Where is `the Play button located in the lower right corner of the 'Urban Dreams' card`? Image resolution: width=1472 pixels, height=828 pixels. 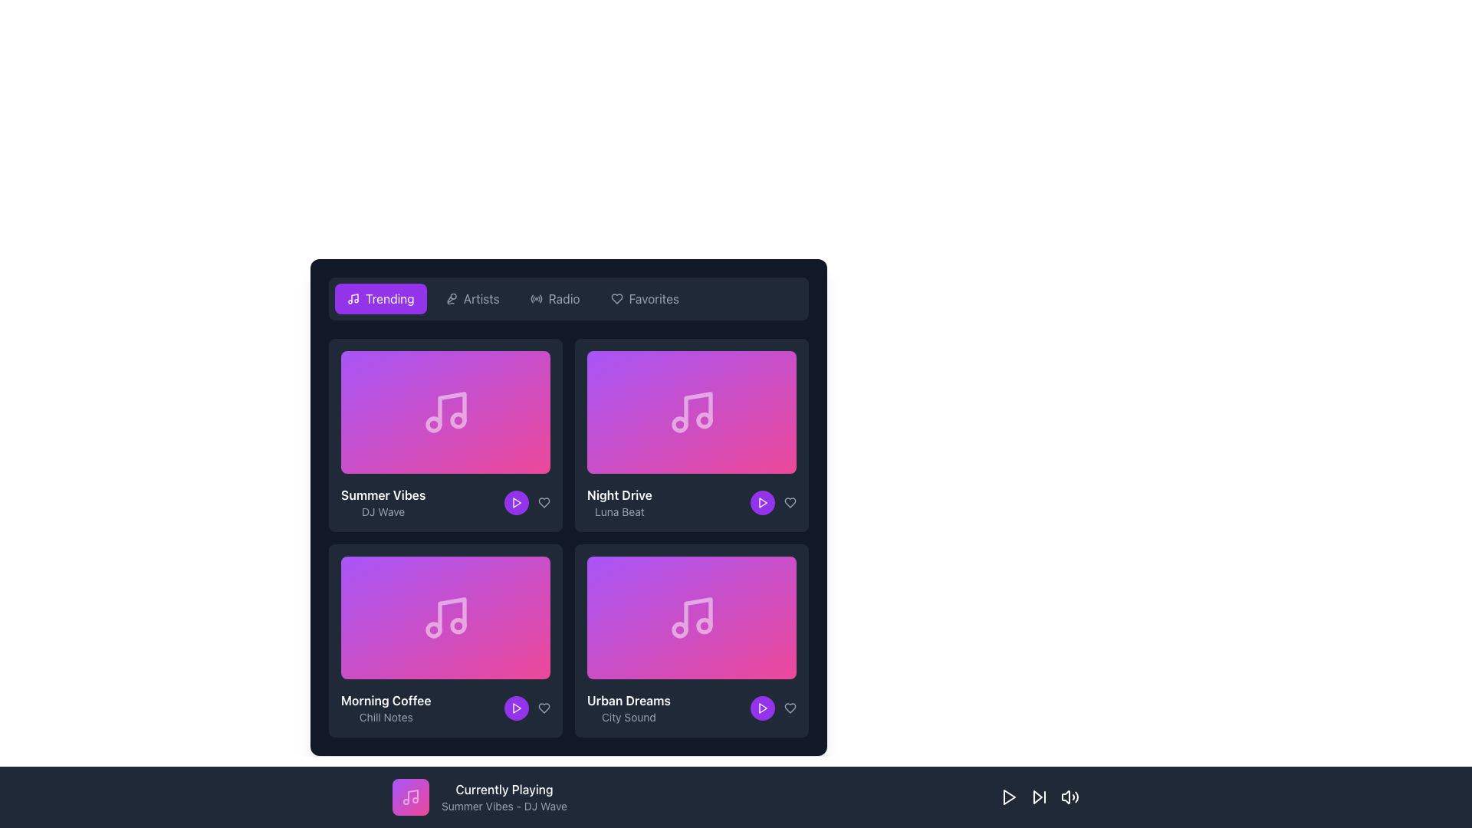 the Play button located in the lower right corner of the 'Urban Dreams' card is located at coordinates (762, 708).